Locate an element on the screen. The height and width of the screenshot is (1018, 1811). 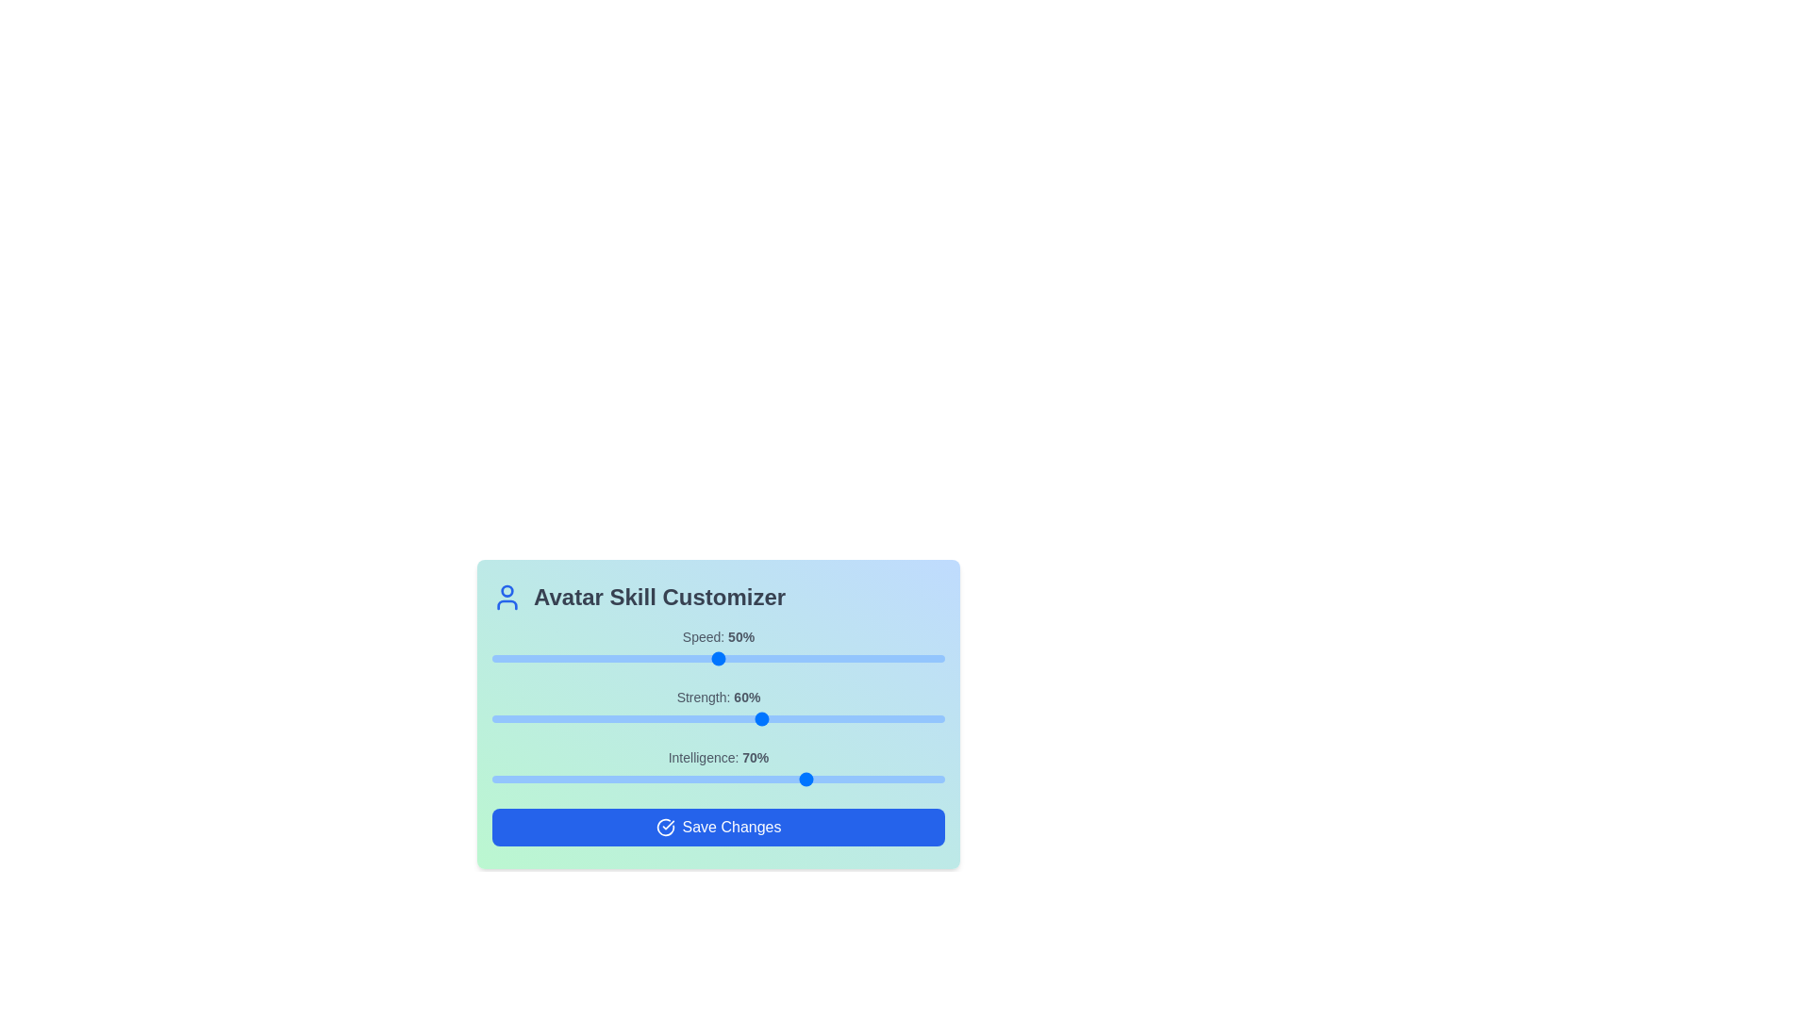
the text label displaying the percentage value of the 'Speed' attribute in the Avatar Skill Customizer interface is located at coordinates (740, 636).